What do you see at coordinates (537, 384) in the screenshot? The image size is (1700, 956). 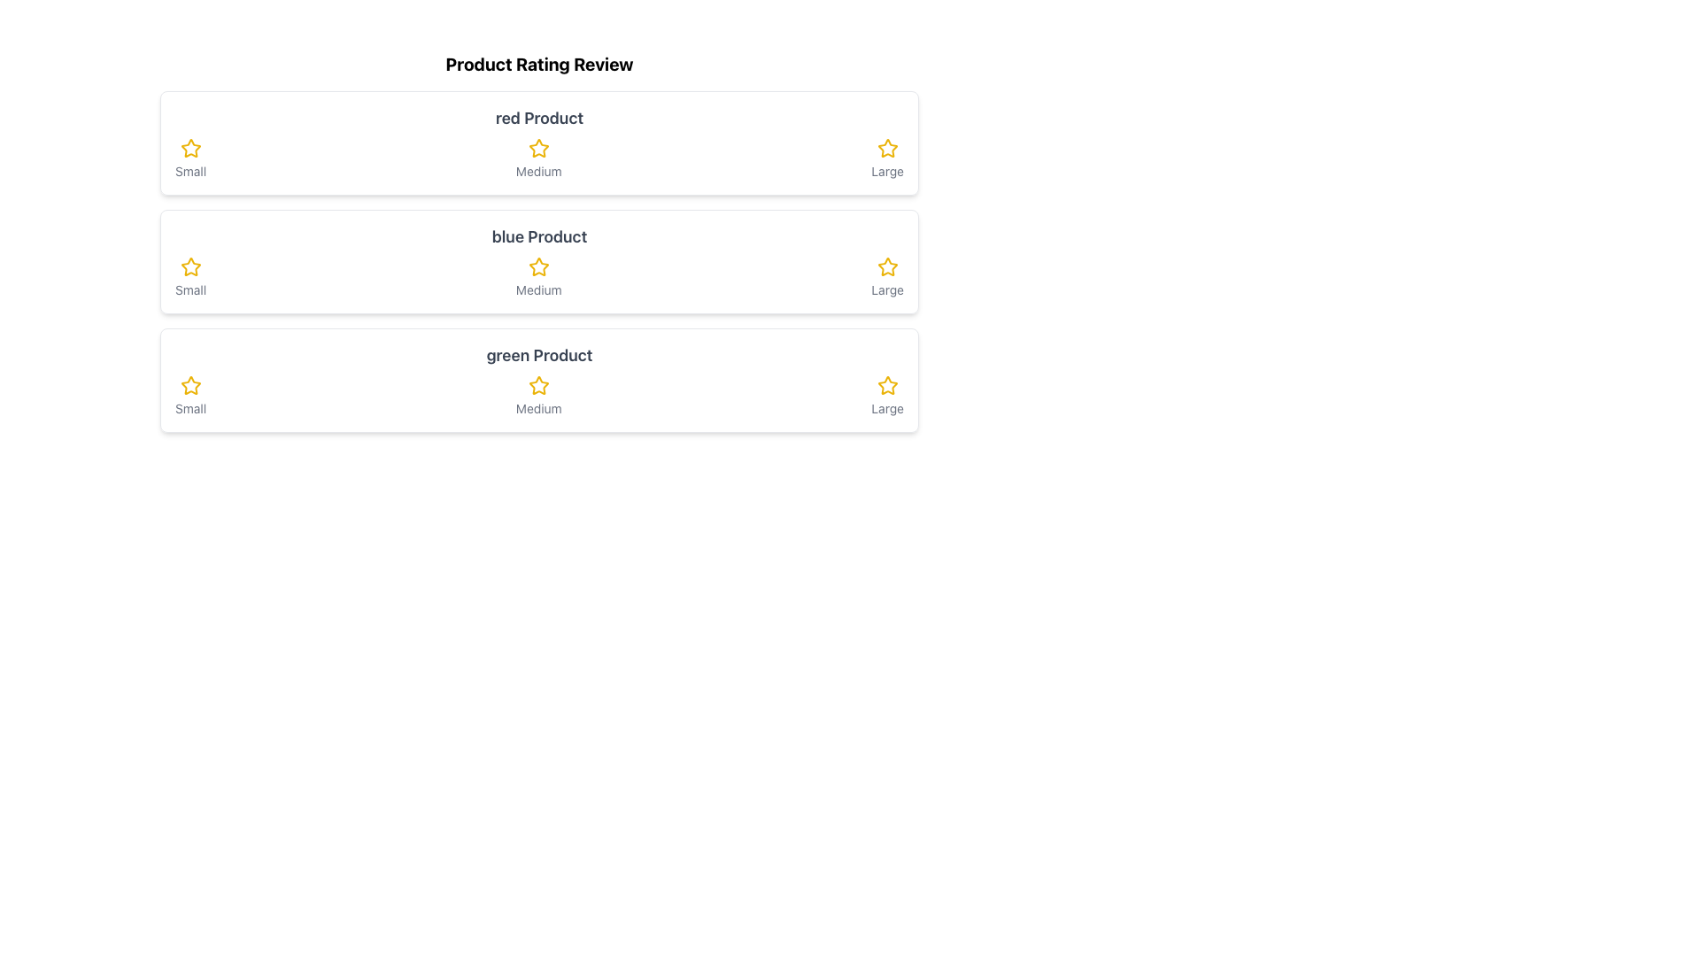 I see `the central star icon in the rating section for the 'green Product'` at bounding box center [537, 384].